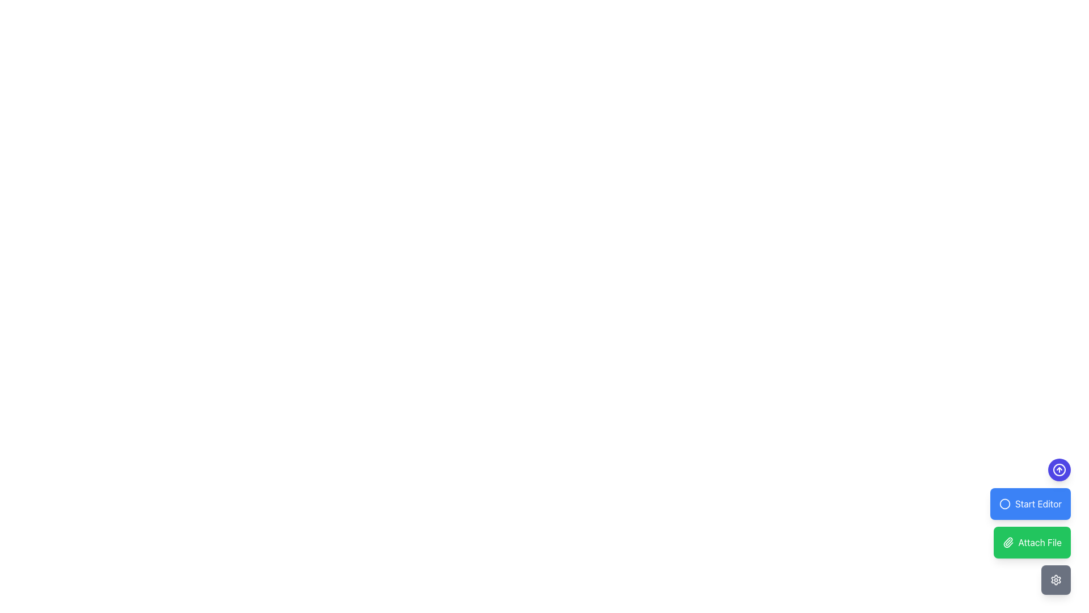 This screenshot has width=1089, height=613. I want to click on the green 'Attach File' button with white text and a paperclip icon, so click(1032, 542).